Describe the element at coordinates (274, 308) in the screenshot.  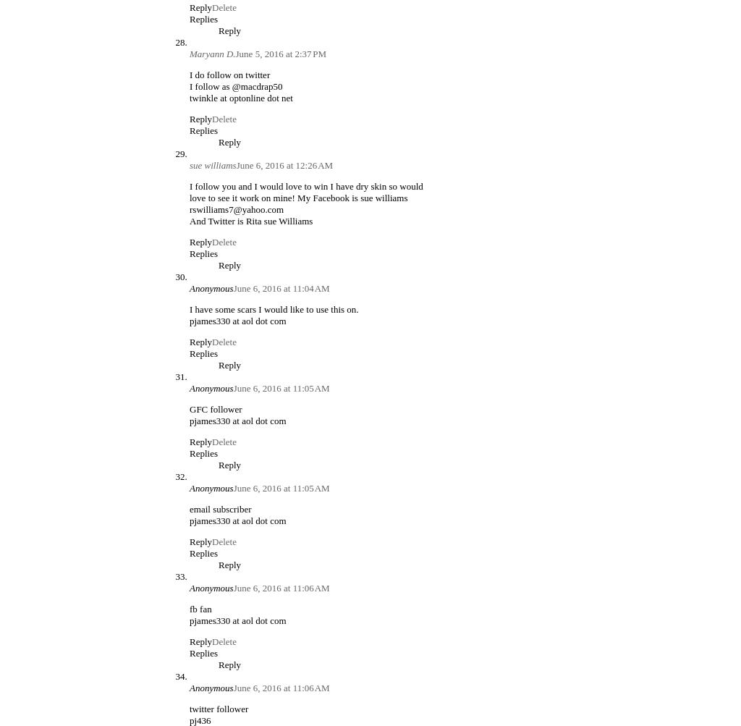
I see `'I have some scars I would like to use this on.'` at that location.